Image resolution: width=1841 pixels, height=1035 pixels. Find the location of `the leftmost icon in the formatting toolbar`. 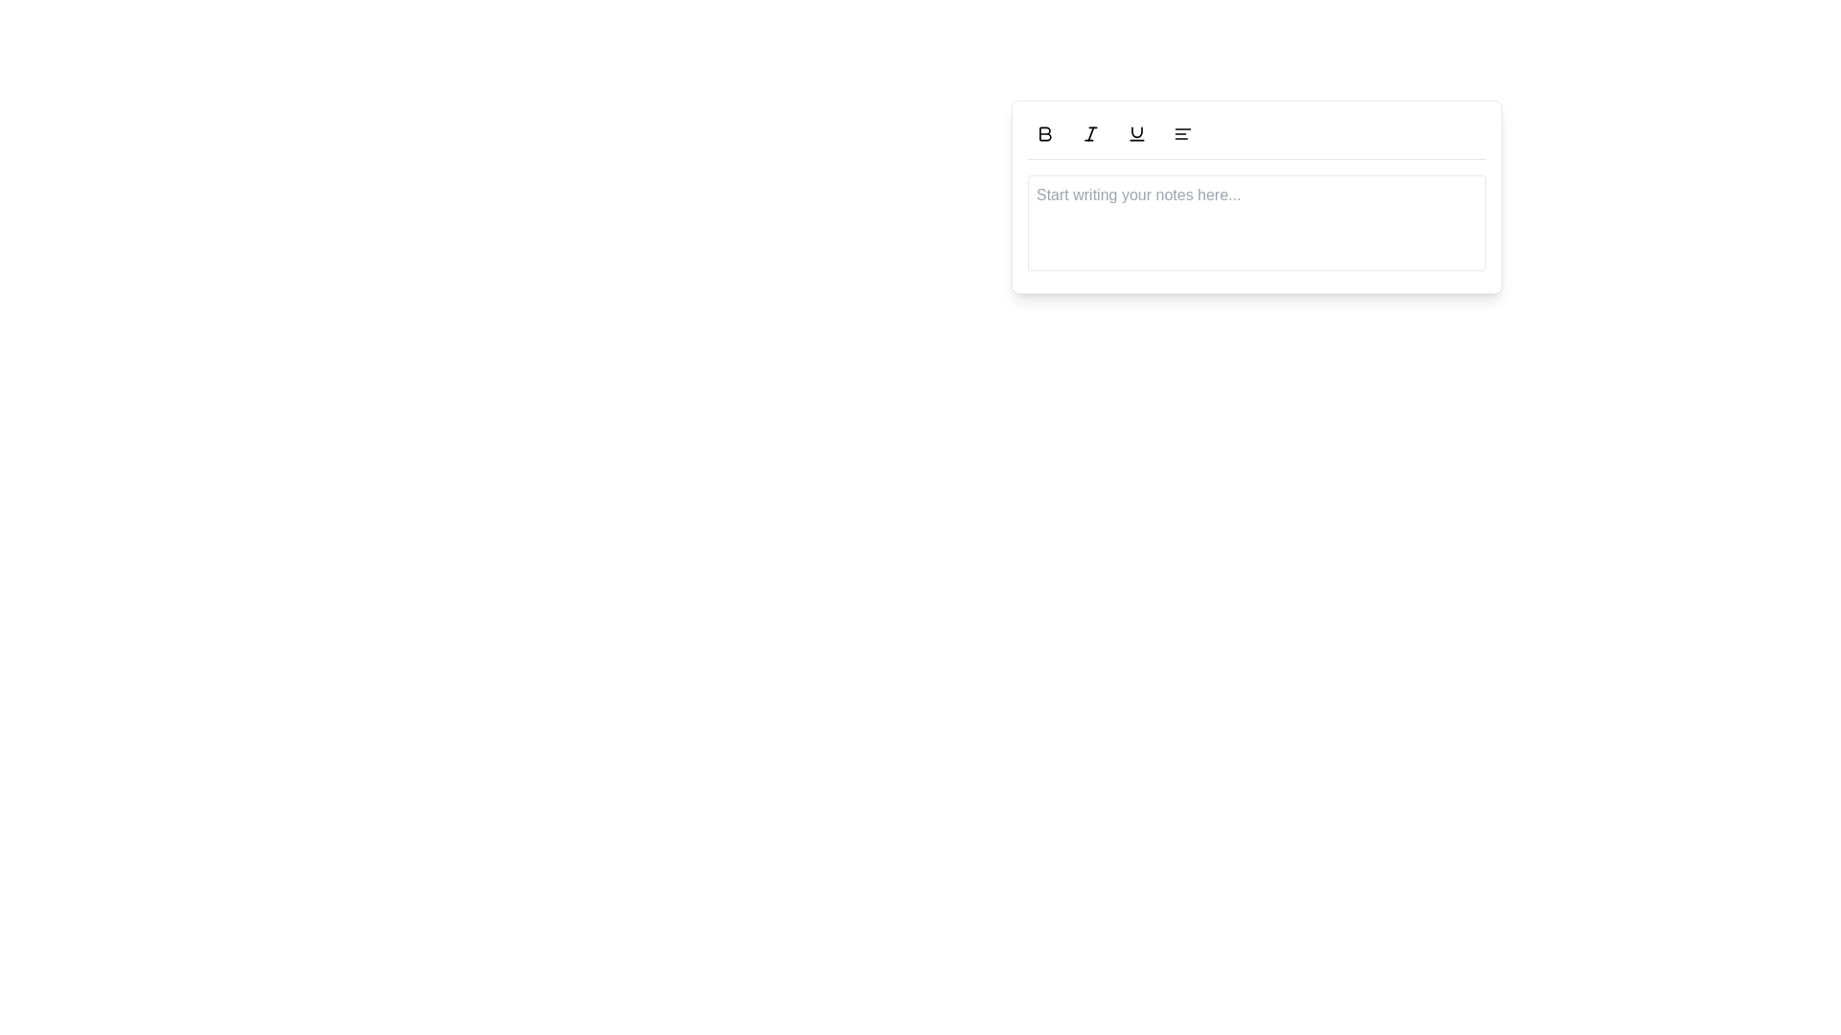

the leftmost icon in the formatting toolbar is located at coordinates (1043, 132).